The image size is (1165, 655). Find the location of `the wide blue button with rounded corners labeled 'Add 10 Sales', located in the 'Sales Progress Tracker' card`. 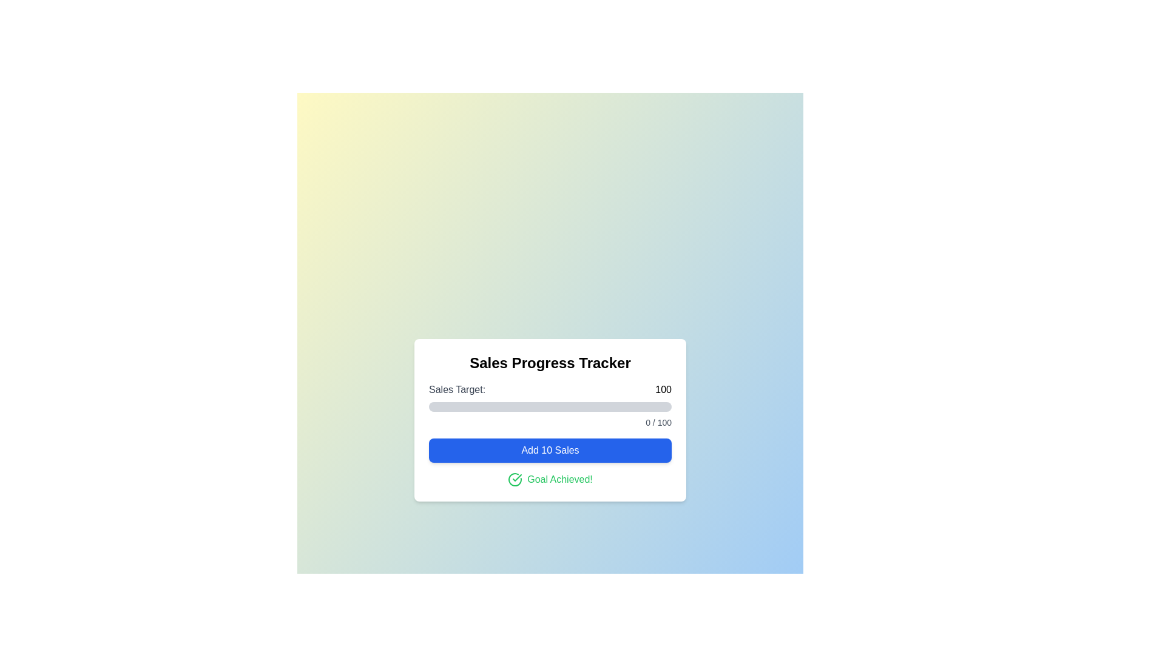

the wide blue button with rounded corners labeled 'Add 10 Sales', located in the 'Sales Progress Tracker' card is located at coordinates (550, 451).